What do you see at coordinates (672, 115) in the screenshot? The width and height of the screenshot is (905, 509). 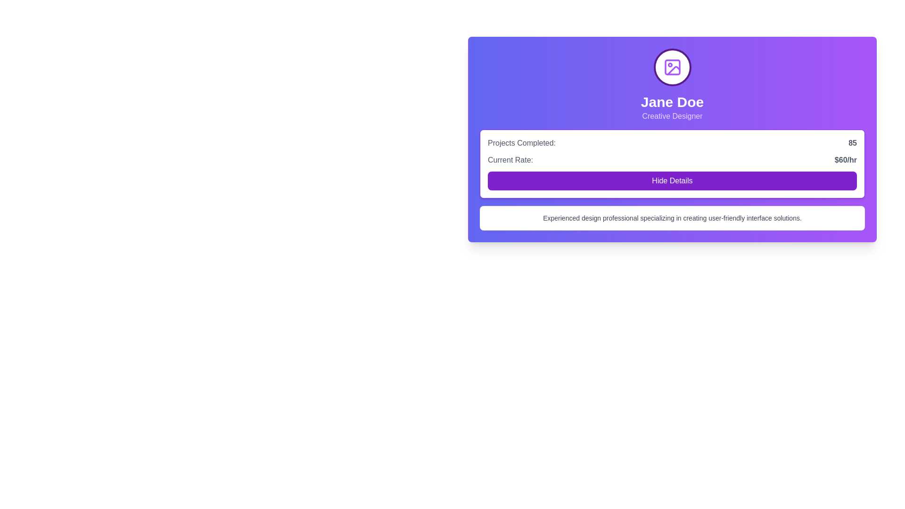 I see `the text label displaying 'Creative Designer', which is located immediately below the name 'Jane Doe' and features a light purple font on a gradient background` at bounding box center [672, 115].